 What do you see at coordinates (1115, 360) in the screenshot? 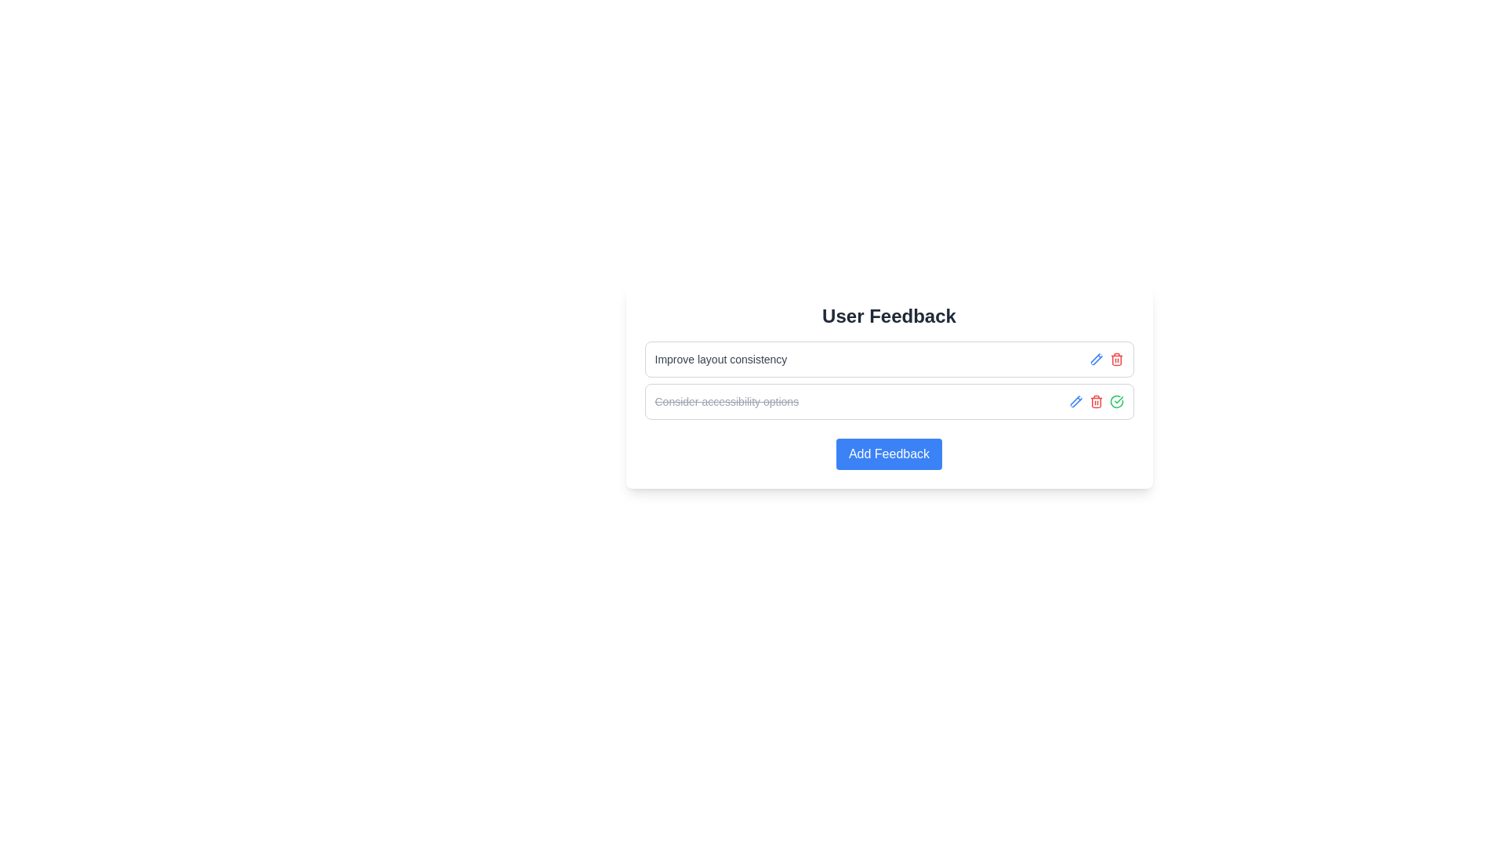
I see `the delete icon button located on the far-right among a group of icons` at bounding box center [1115, 360].